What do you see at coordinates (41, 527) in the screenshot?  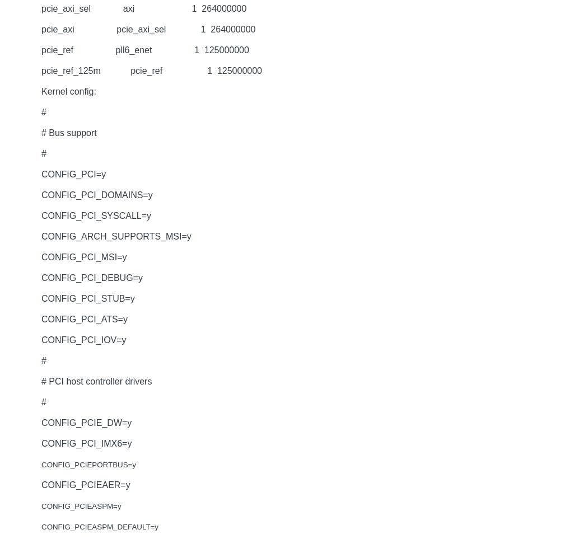 I see `'CONFIG_PCIEASPM_DEFAULT=y'` at bounding box center [41, 527].